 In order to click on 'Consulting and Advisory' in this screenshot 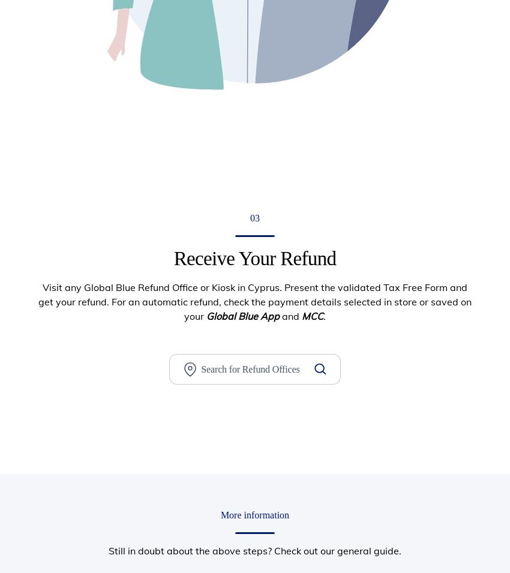, I will do `click(319, 320)`.